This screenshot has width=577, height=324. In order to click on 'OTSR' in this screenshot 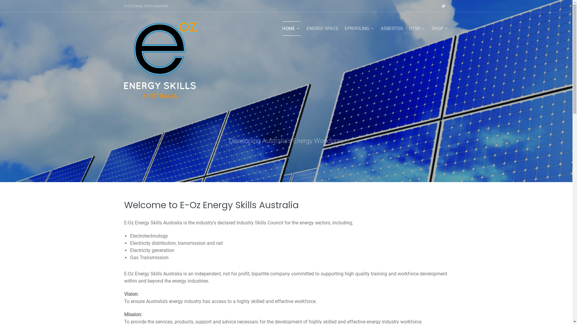, I will do `click(417, 28)`.